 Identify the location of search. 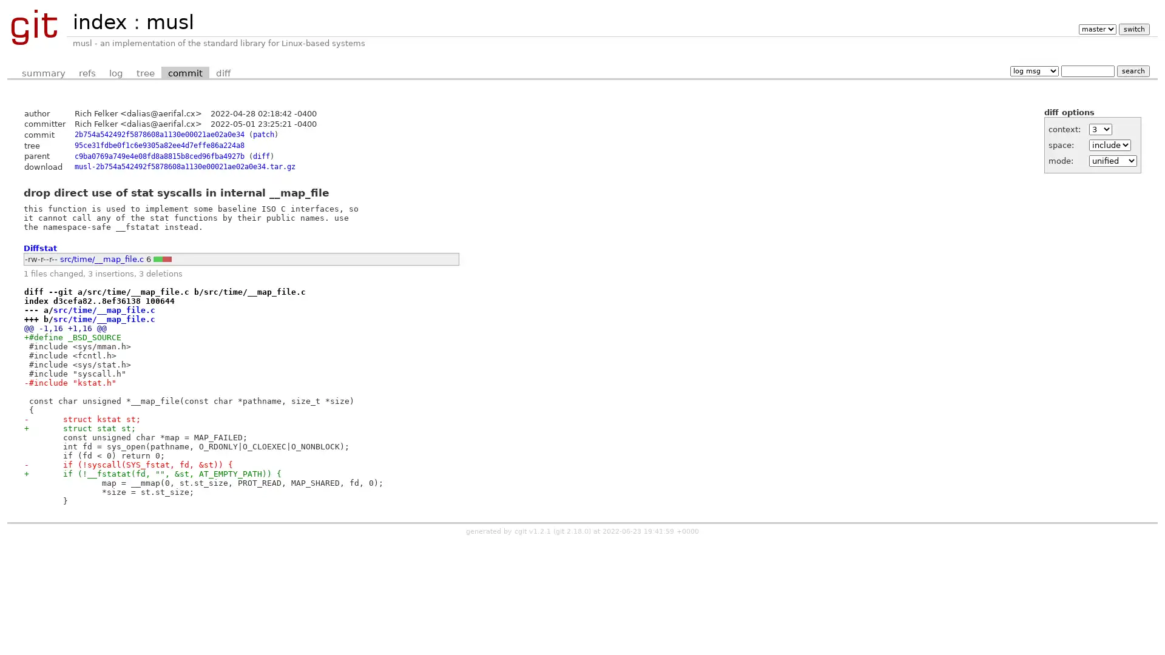
(1132, 70).